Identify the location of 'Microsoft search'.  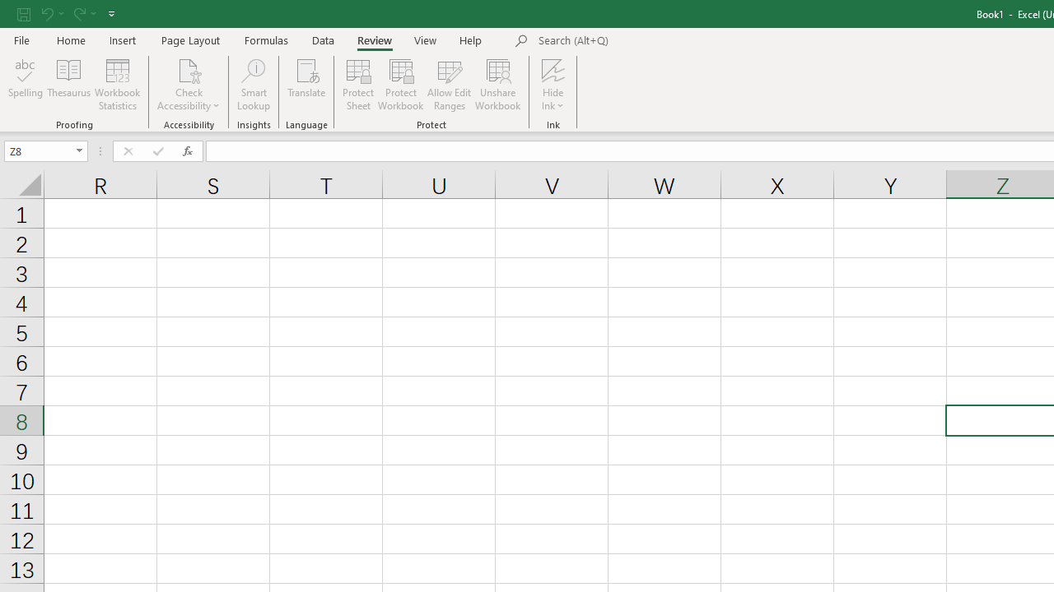
(651, 40).